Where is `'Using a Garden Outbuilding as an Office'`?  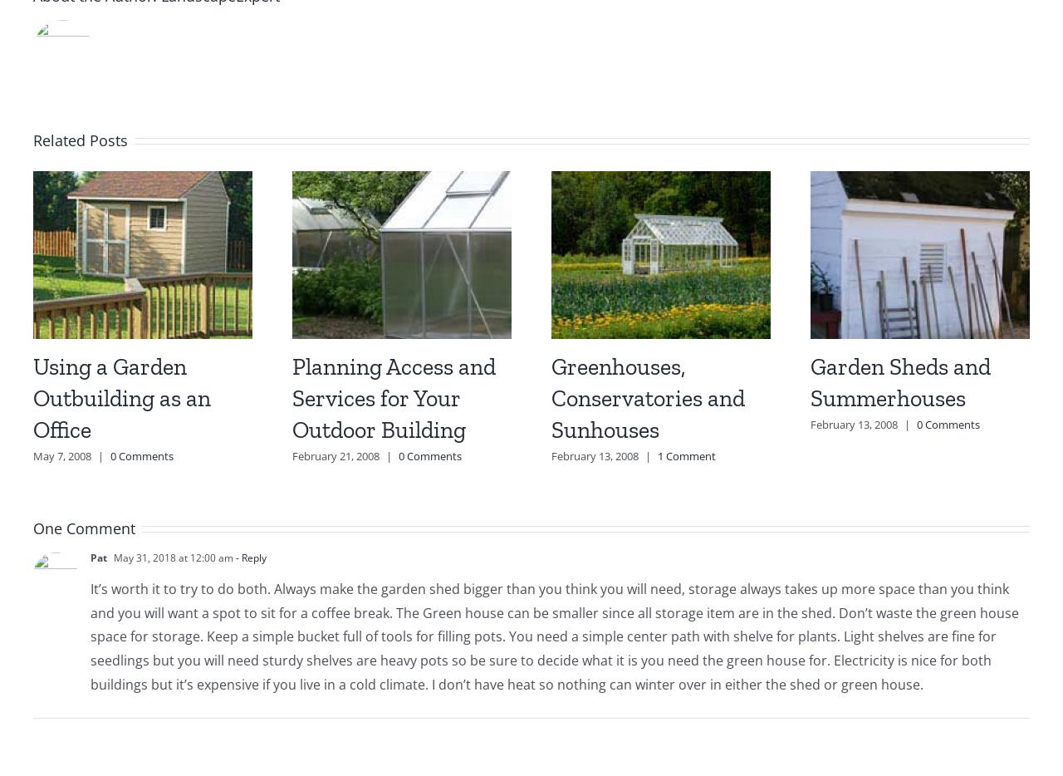 'Using a Garden Outbuilding as an Office' is located at coordinates (120, 397).